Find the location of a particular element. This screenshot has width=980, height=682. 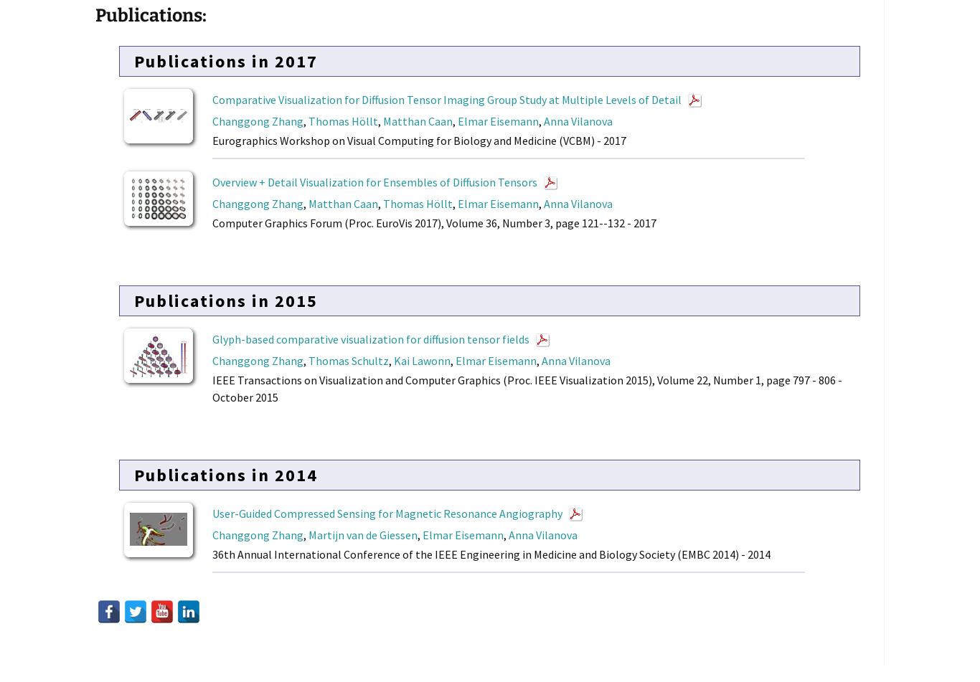

'Publications in 2015' is located at coordinates (225, 300).